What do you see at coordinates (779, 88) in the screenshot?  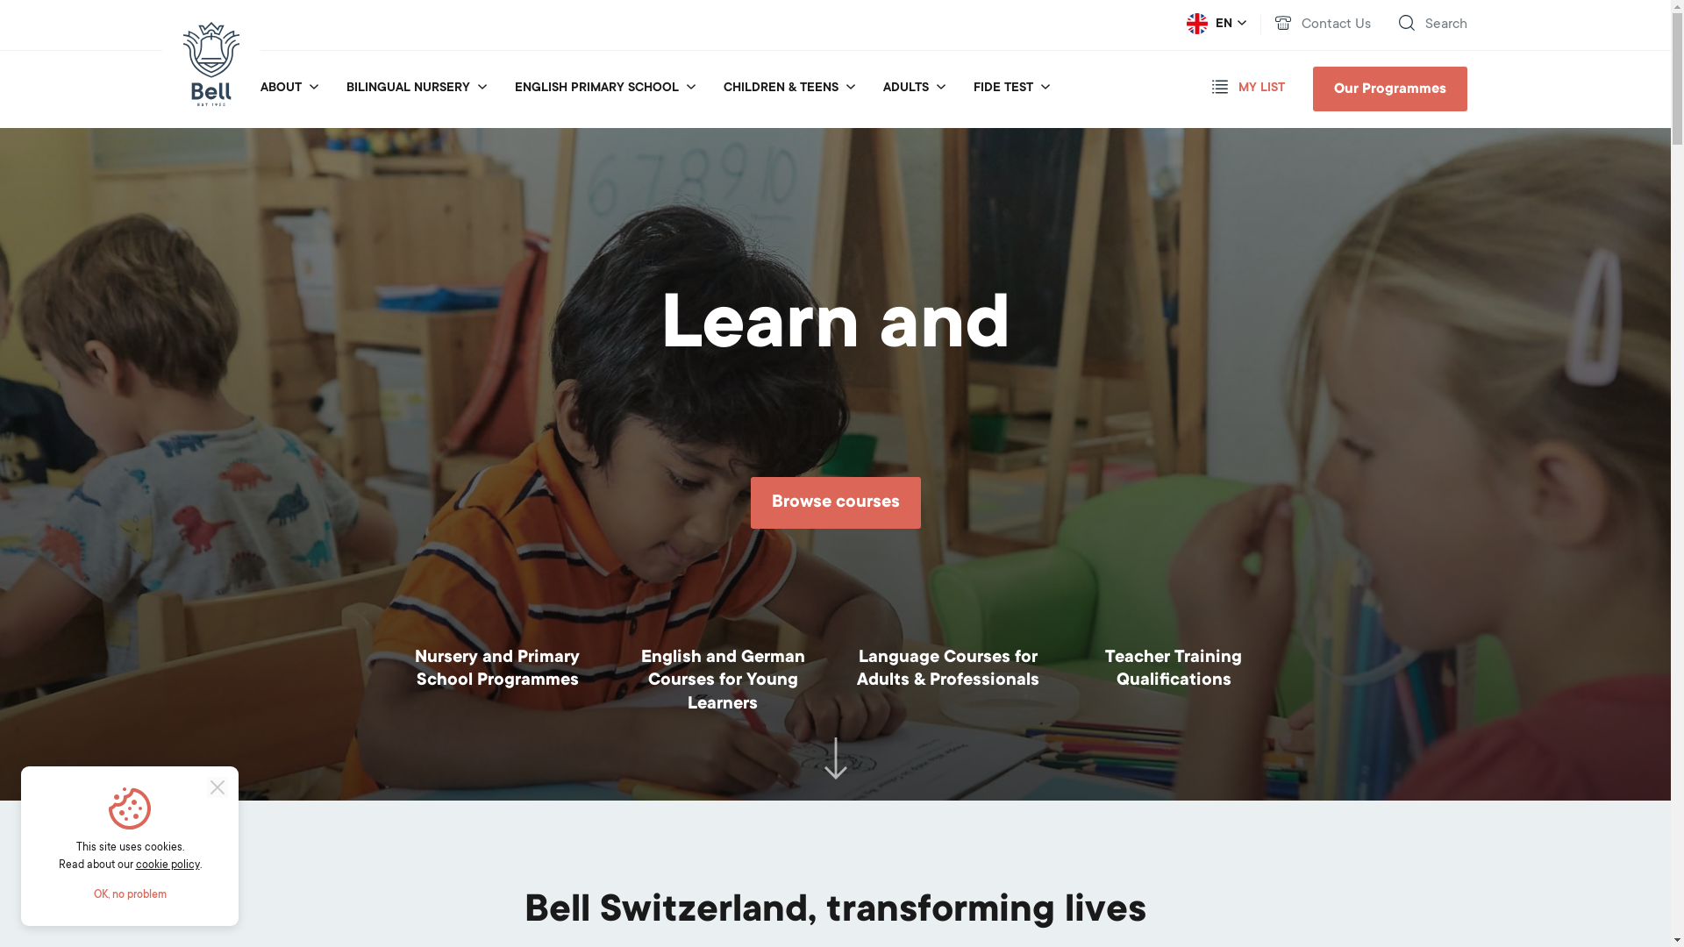 I see `'CHILDREN & TEENS'` at bounding box center [779, 88].